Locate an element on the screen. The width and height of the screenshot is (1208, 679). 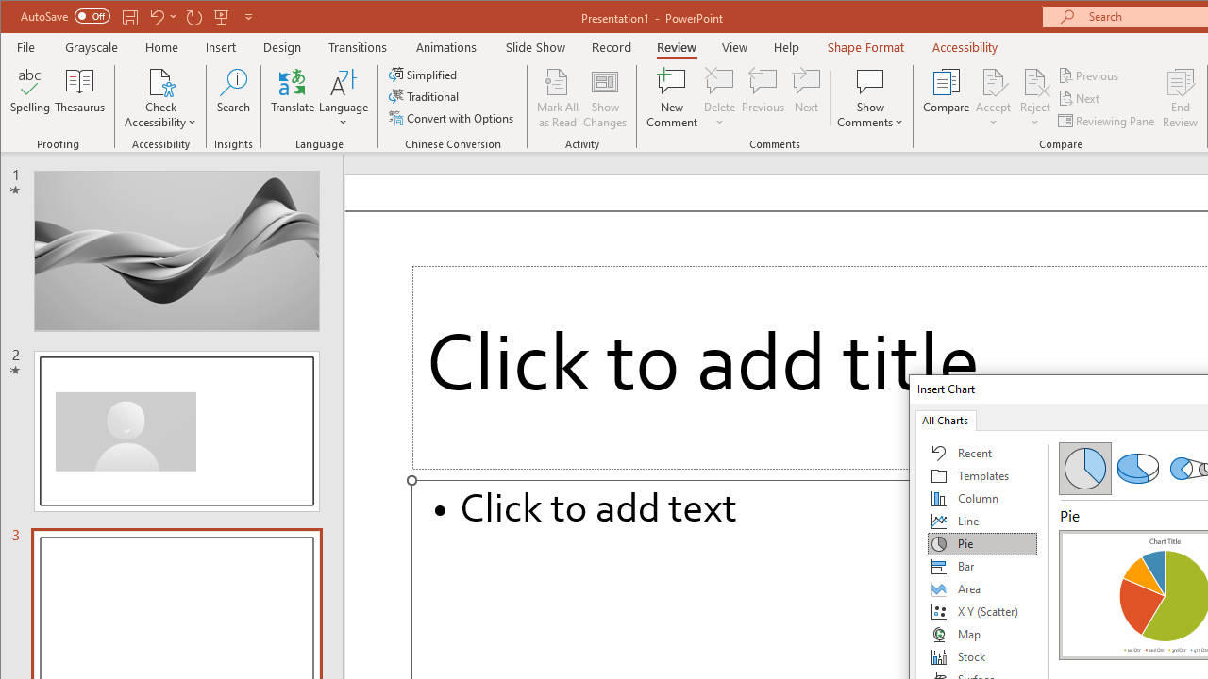
'Thesaurus...' is located at coordinates (79, 98).